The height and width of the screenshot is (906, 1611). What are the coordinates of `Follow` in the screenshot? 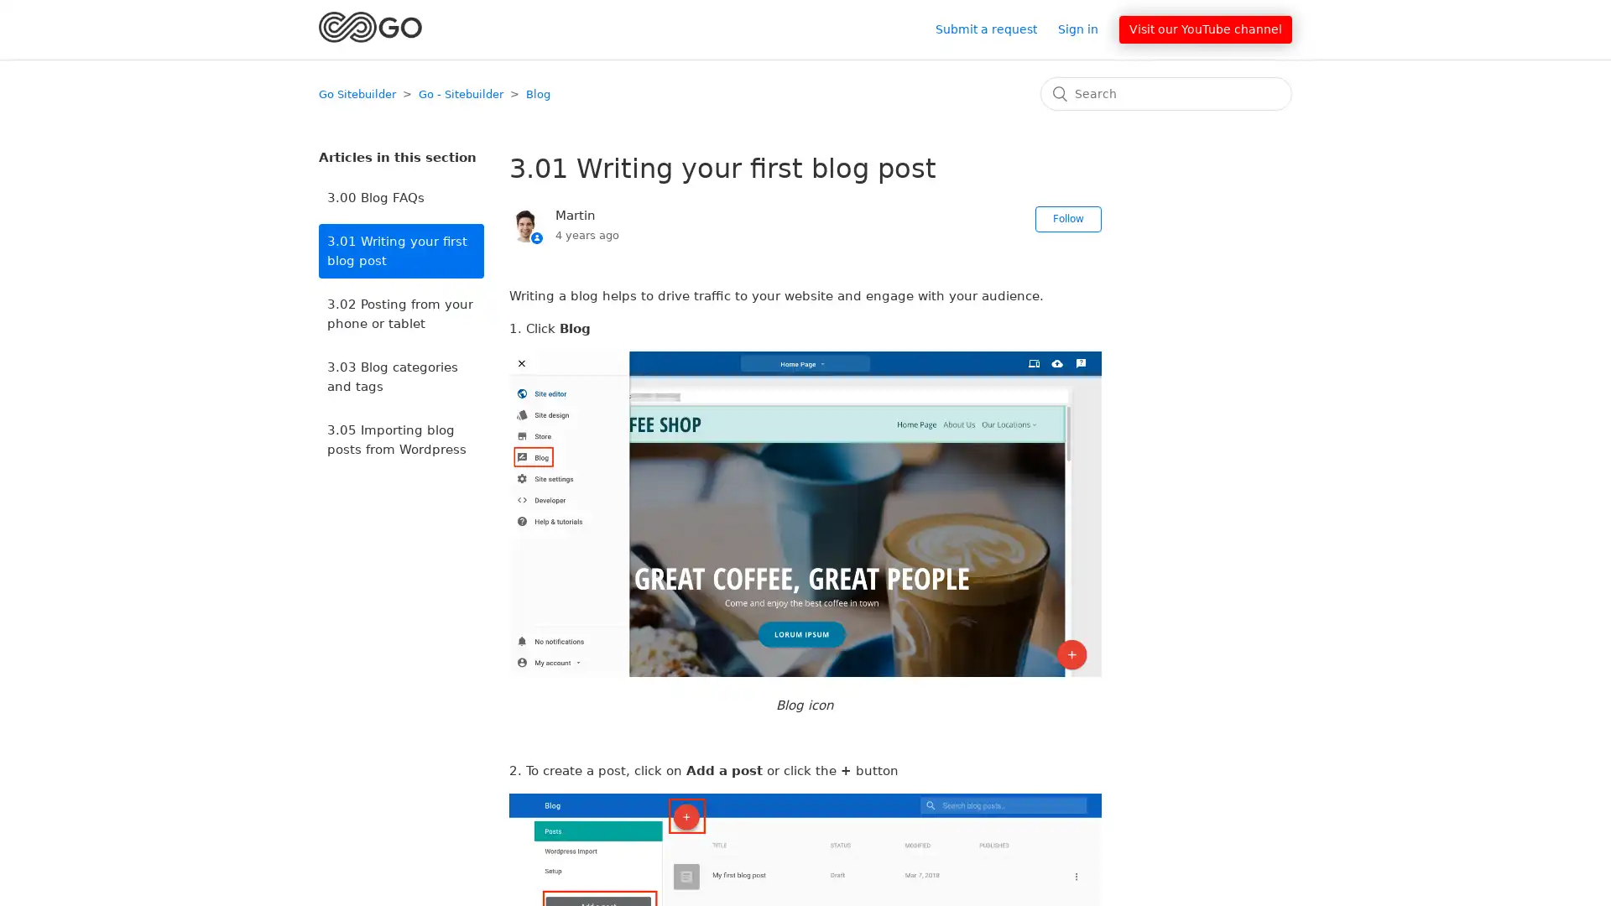 It's located at (1066, 218).